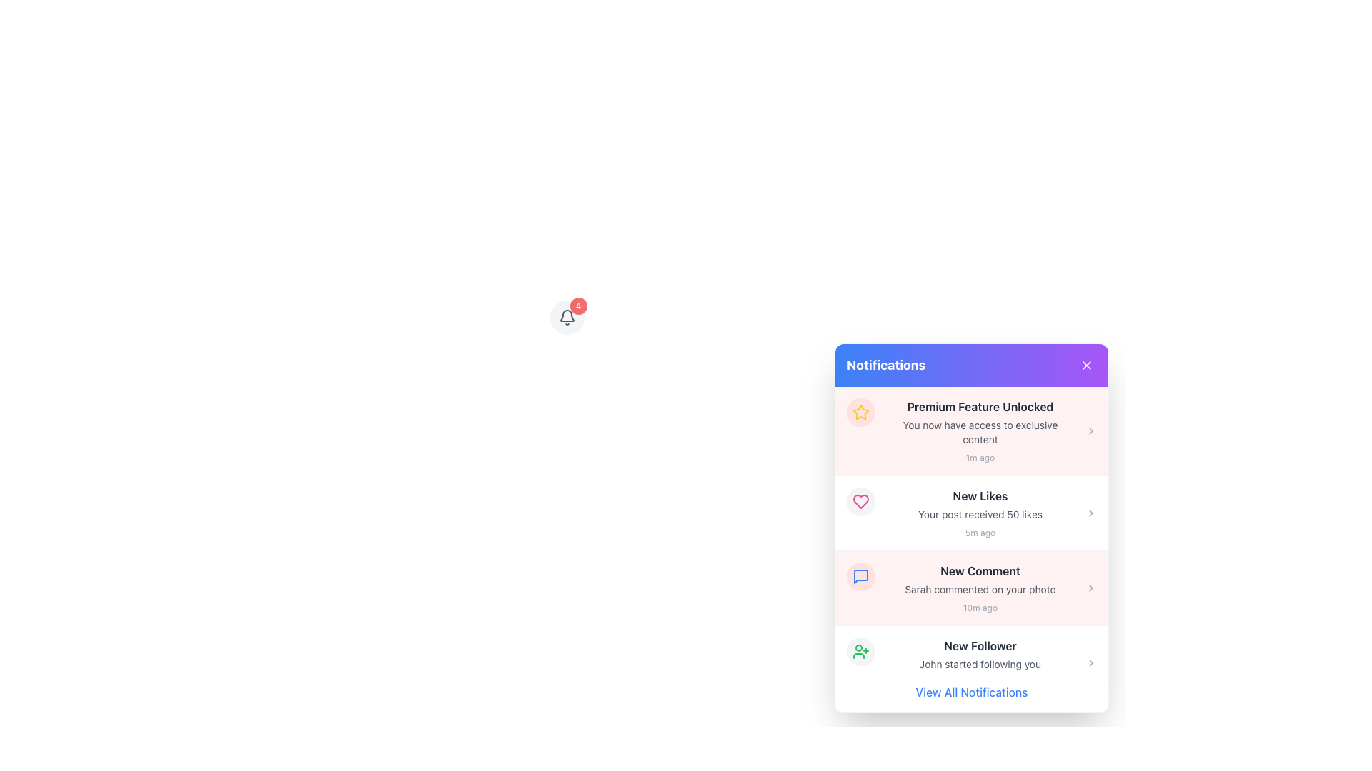  What do you see at coordinates (1086, 365) in the screenshot?
I see `the close button located in the top-right corner of the Notifications pop-up panel` at bounding box center [1086, 365].